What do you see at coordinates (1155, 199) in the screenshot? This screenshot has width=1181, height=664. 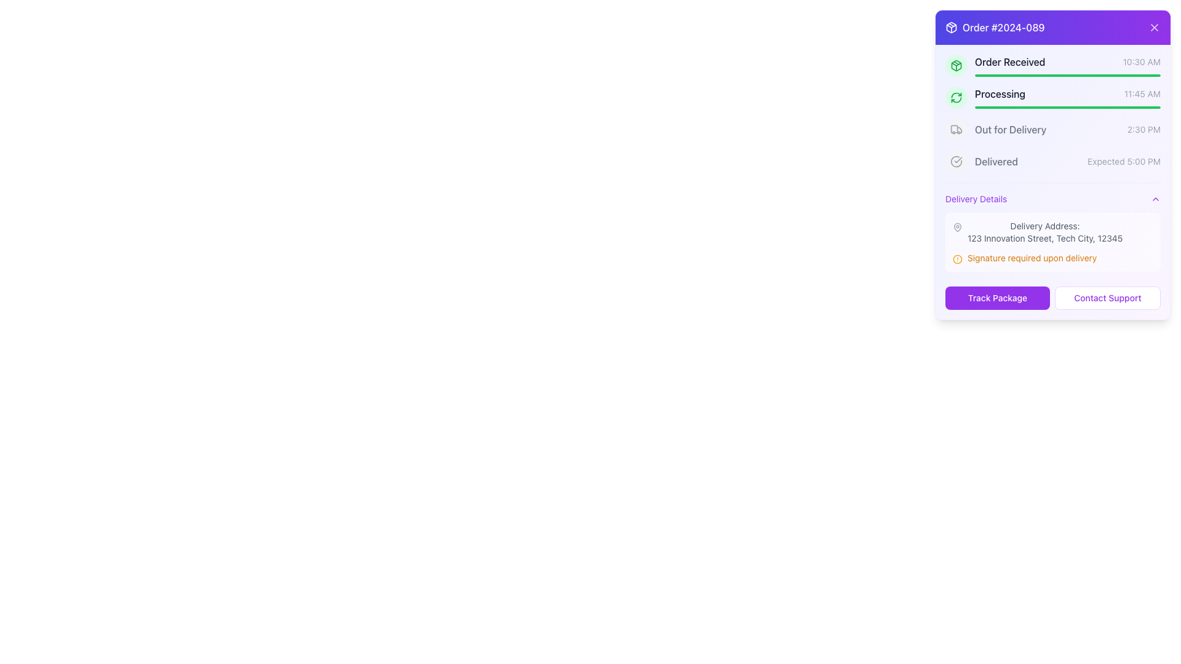 I see `the Icon (Chevron) located at the far-right end of the 'Delivery Details' section header` at bounding box center [1155, 199].